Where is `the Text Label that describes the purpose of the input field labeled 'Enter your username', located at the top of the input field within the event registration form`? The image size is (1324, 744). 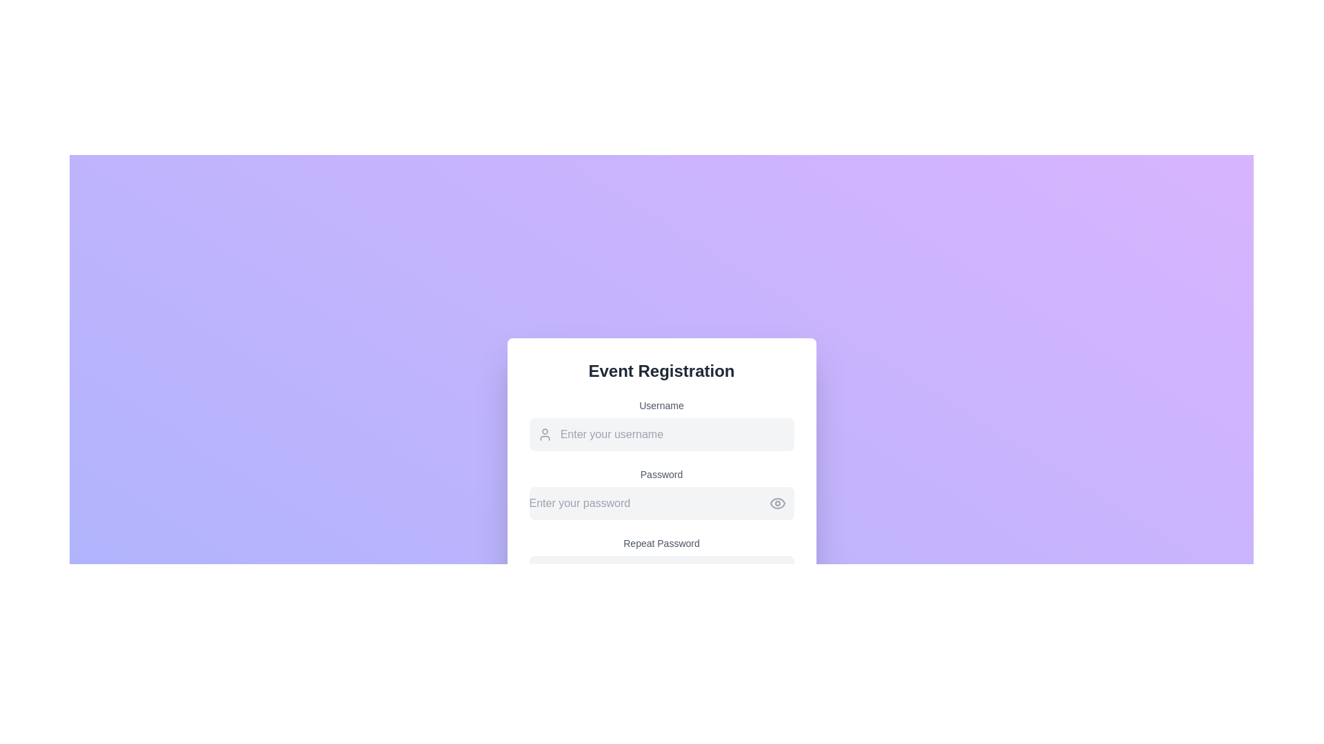
the Text Label that describes the purpose of the input field labeled 'Enter your username', located at the top of the input field within the event registration form is located at coordinates (661, 405).